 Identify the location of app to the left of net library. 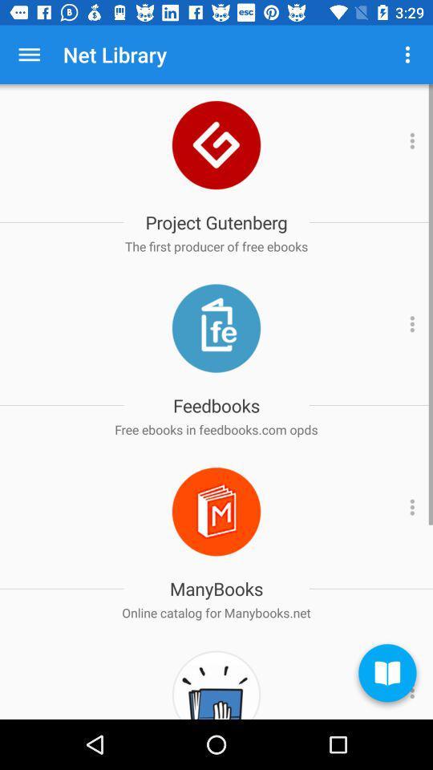
(29, 55).